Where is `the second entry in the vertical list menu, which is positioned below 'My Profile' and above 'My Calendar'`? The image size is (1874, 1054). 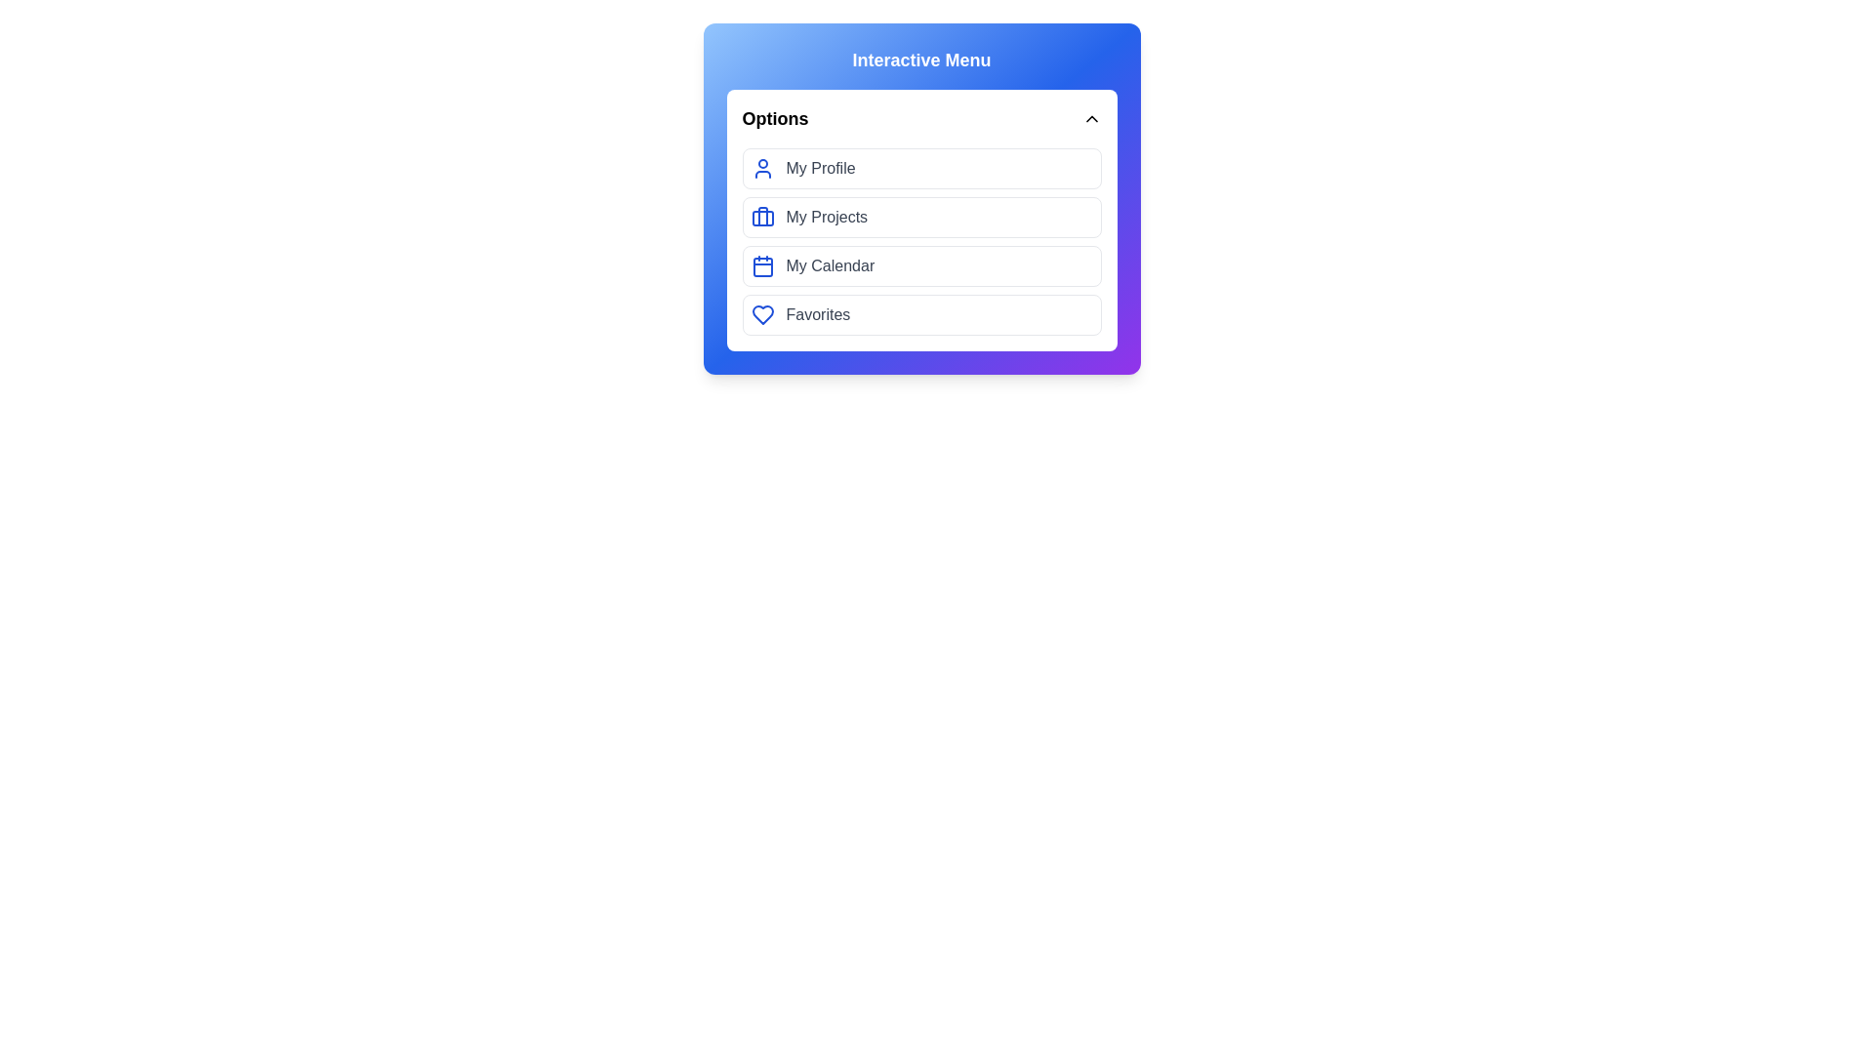
the second entry in the vertical list menu, which is positioned below 'My Profile' and above 'My Calendar' is located at coordinates (920, 240).